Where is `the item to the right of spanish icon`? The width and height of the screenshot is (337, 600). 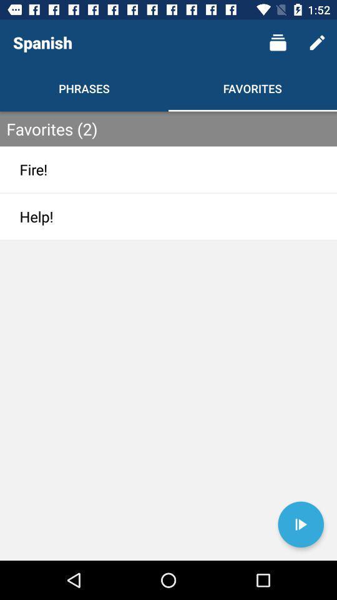
the item to the right of spanish icon is located at coordinates (278, 42).